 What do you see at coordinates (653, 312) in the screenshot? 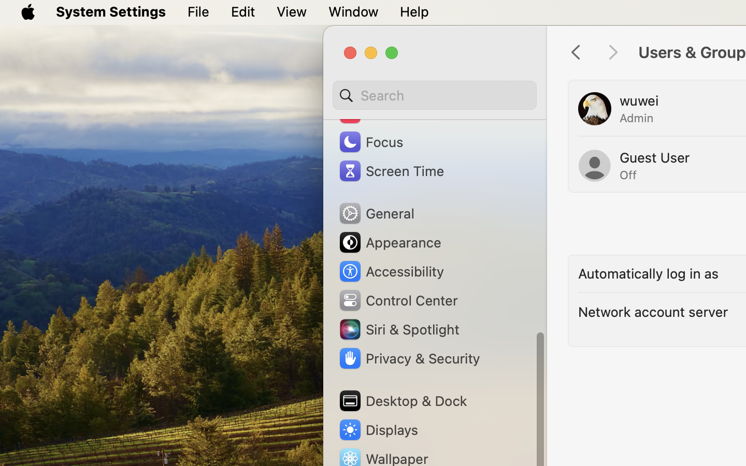
I see `'Network account server'` at bounding box center [653, 312].